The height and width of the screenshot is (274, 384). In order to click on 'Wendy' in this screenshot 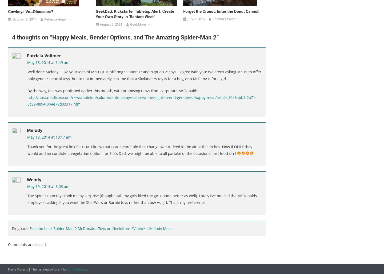, I will do `click(34, 179)`.